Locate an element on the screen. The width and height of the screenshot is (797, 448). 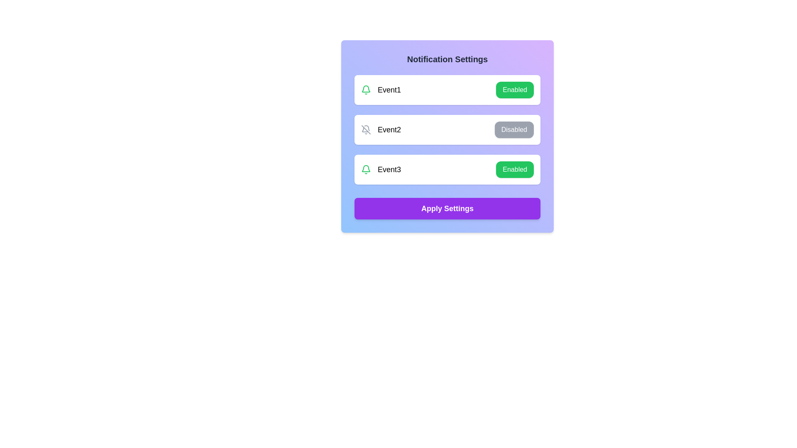
'Apply Settings' button to save changes is located at coordinates (447, 208).